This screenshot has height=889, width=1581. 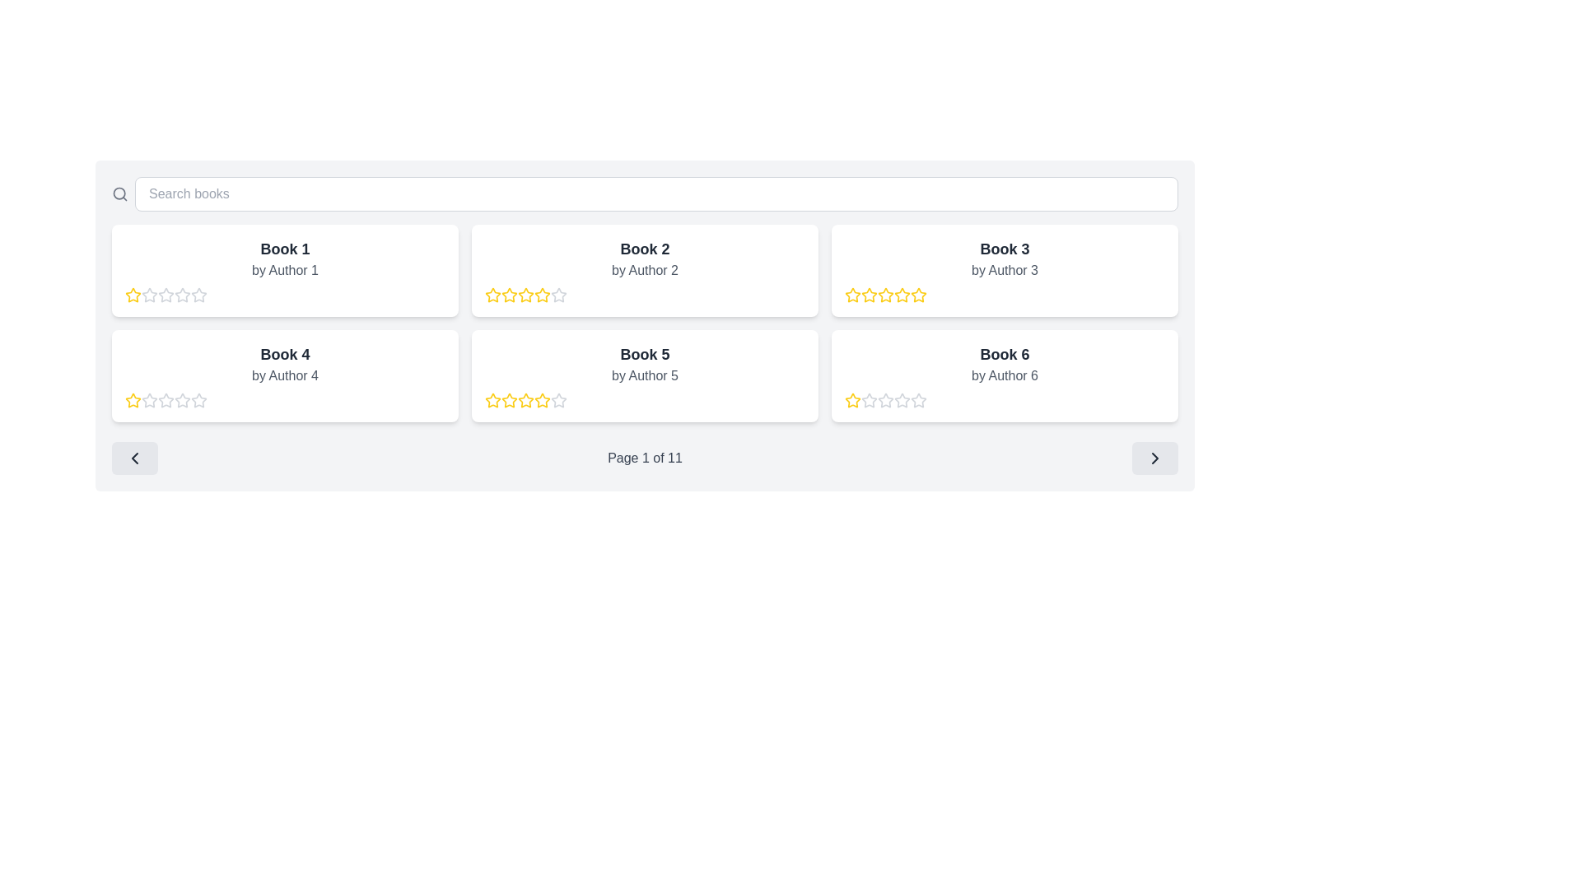 What do you see at coordinates (1004, 375) in the screenshot?
I see `text label displaying the author's name located in the 'Book 6' card layout, which is in the rightmost column of the second row, below the title 'Book 6' and above the star icons` at bounding box center [1004, 375].